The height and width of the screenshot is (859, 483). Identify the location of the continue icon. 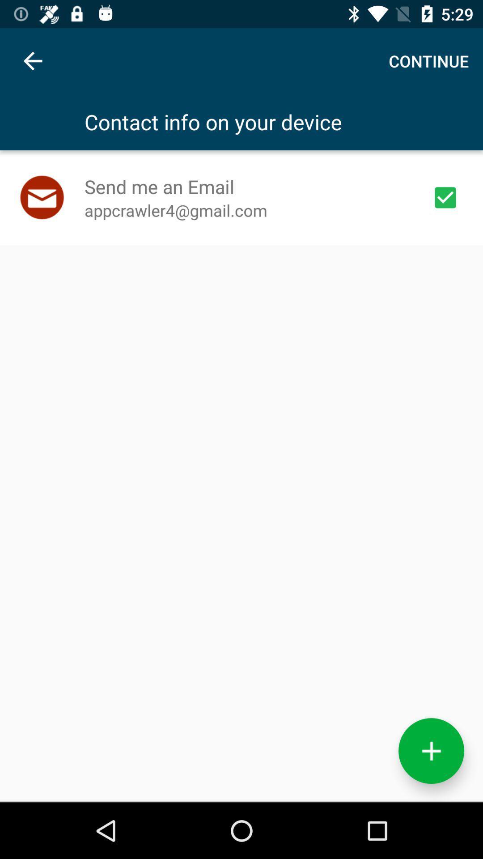
(428, 60).